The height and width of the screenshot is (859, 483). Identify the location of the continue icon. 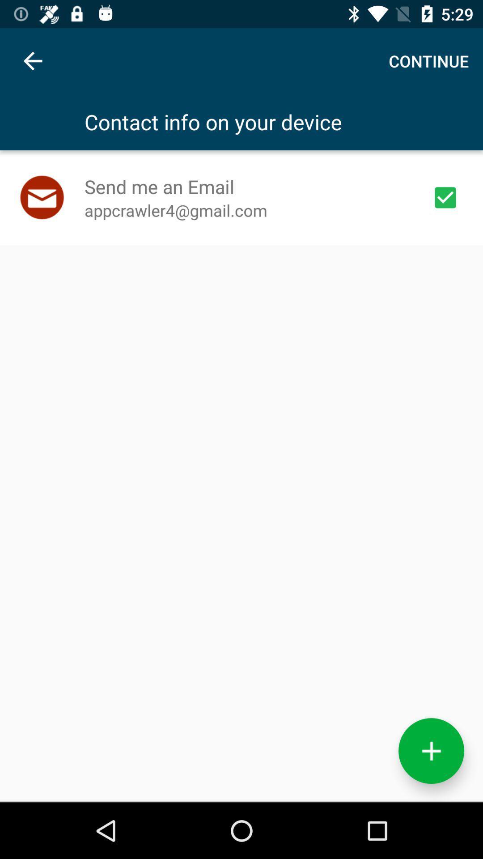
(428, 60).